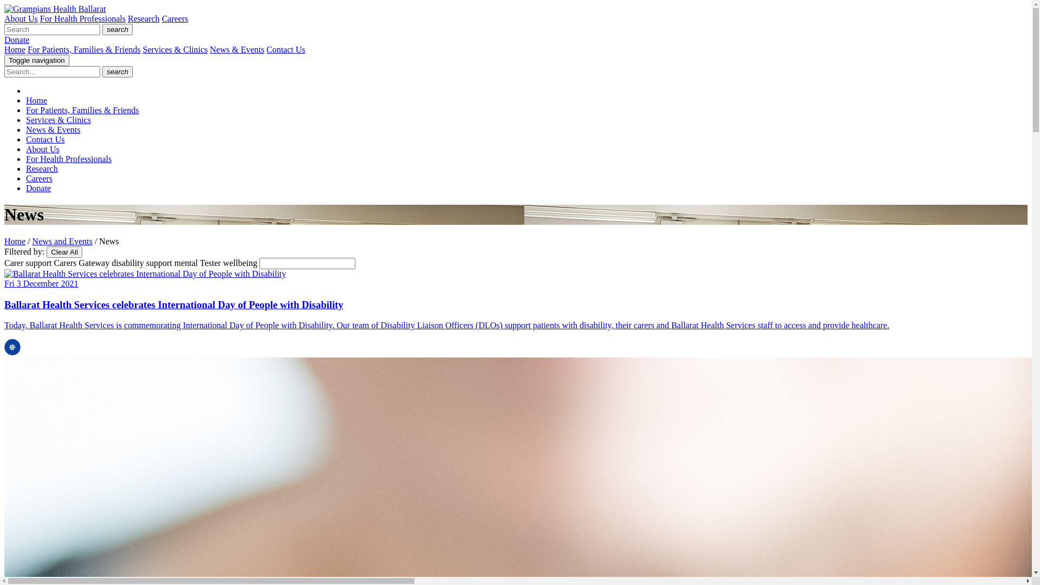  Describe the element at coordinates (36, 100) in the screenshot. I see `'Home'` at that location.